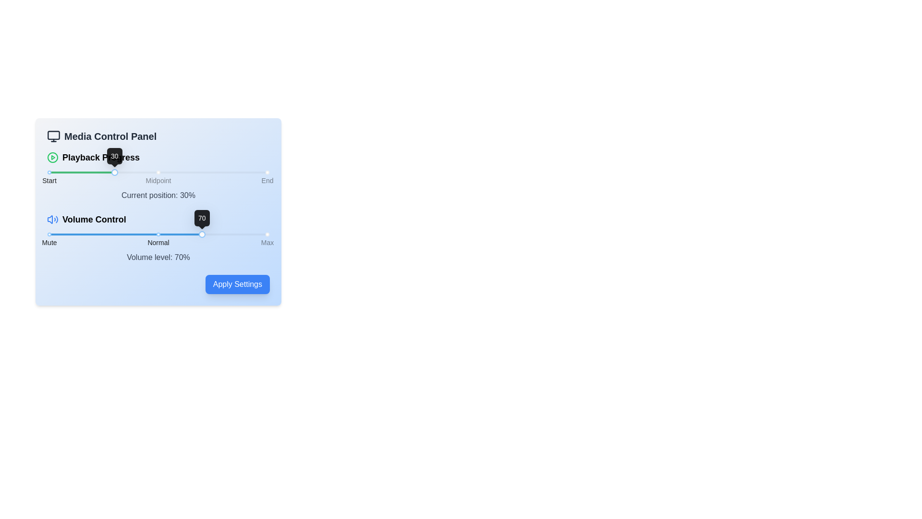 The width and height of the screenshot is (922, 519). Describe the element at coordinates (198, 235) in the screenshot. I see `the volume` at that location.